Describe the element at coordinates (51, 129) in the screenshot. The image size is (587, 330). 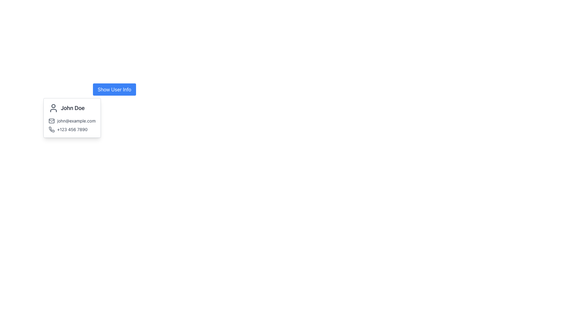
I see `the gray telephone handset icon located to the left of the phone number '+123 456 7890' for interaction` at that location.